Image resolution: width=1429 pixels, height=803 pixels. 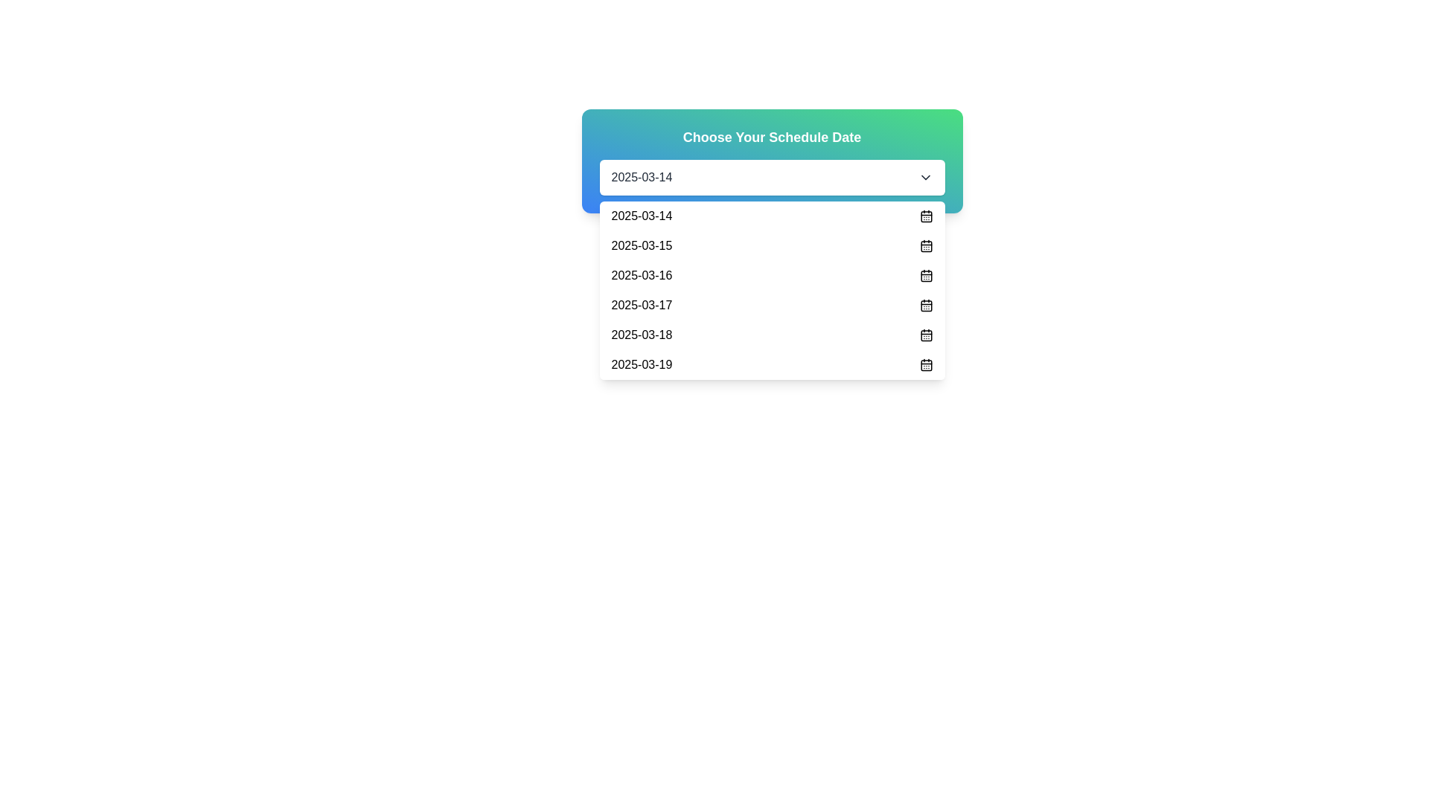 What do you see at coordinates (772, 290) in the screenshot?
I see `the dropdown menu item '2025-03-16'` at bounding box center [772, 290].